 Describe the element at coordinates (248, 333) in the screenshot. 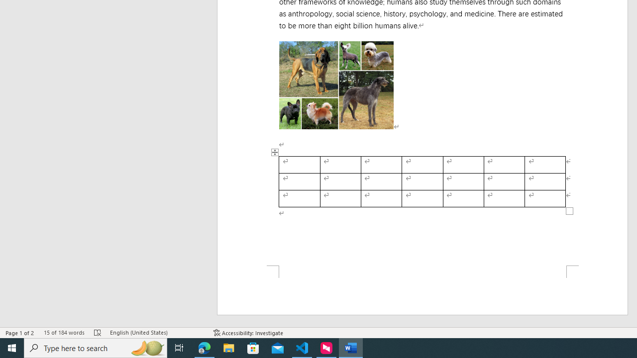

I see `'Accessibility Checker Accessibility: Investigate'` at that location.